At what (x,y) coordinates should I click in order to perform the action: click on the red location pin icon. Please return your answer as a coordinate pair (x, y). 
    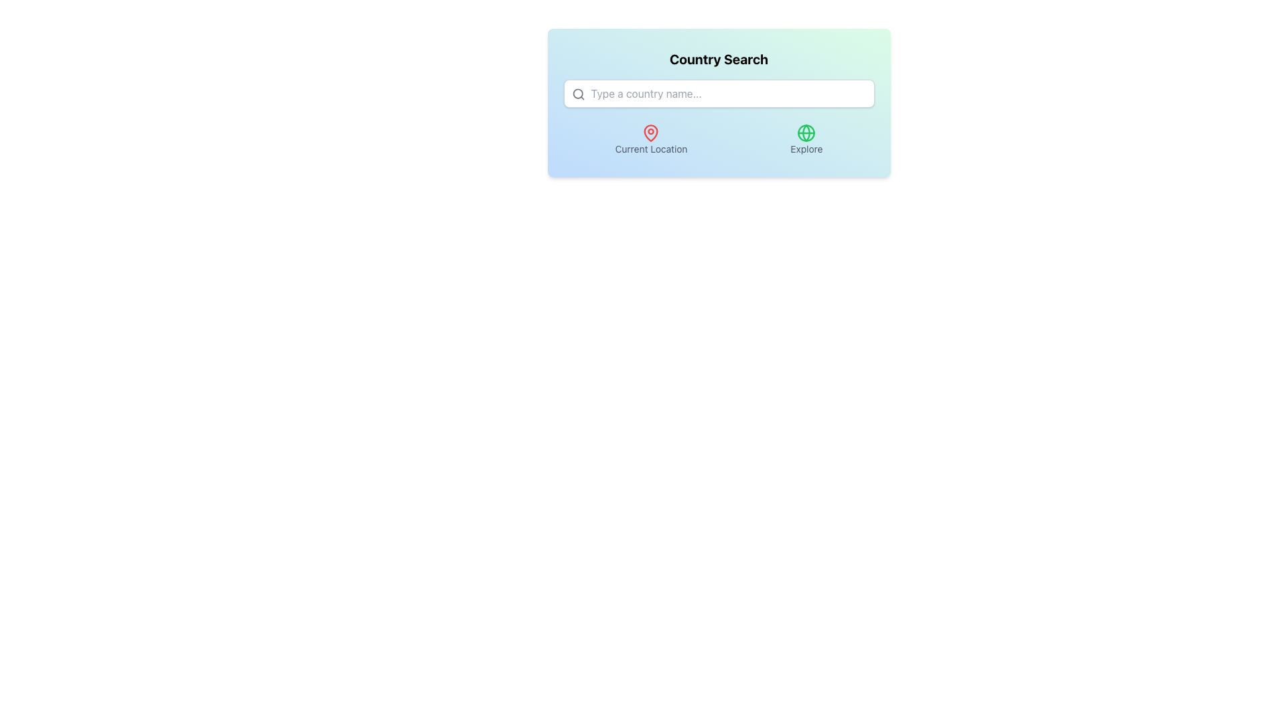
    Looking at the image, I should click on (651, 133).